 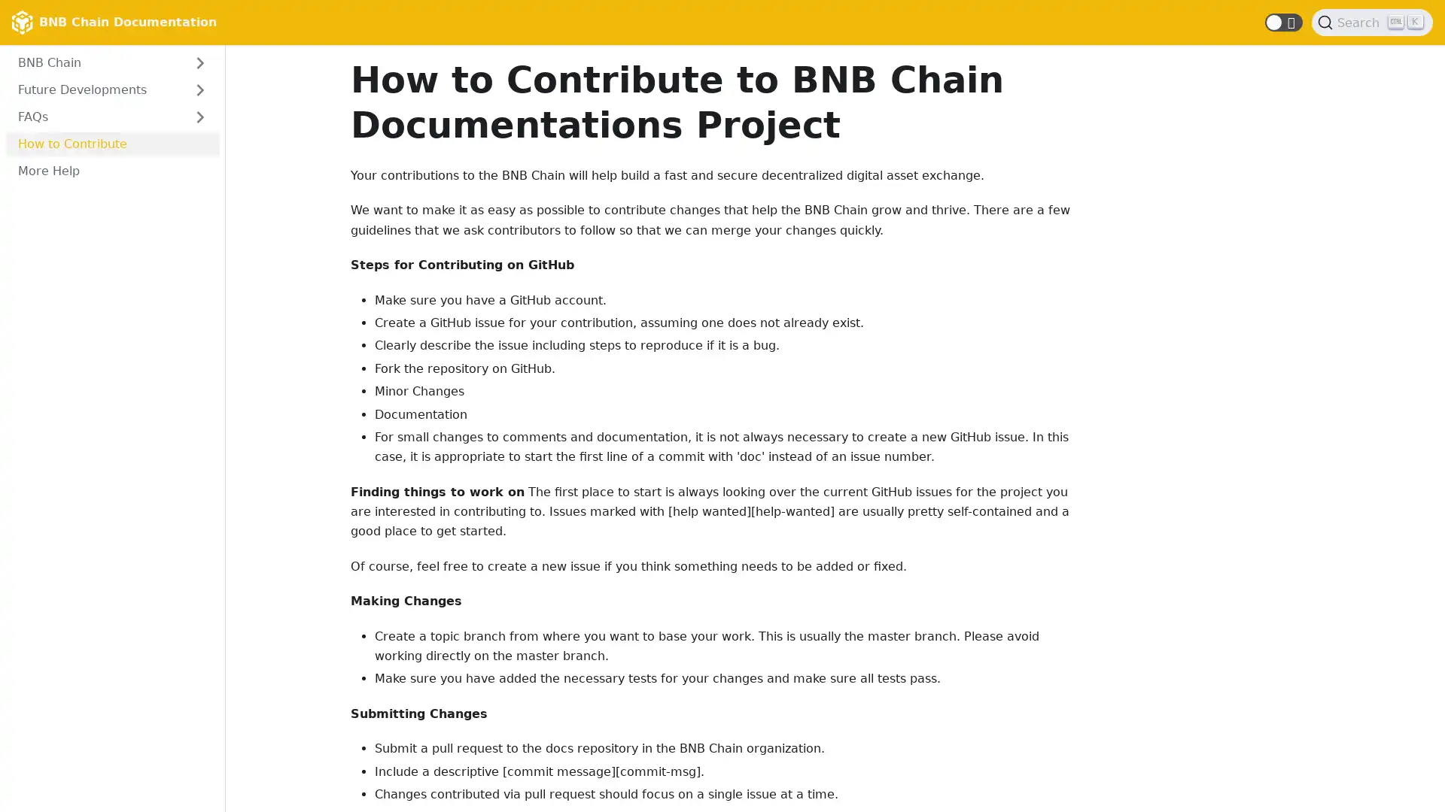 I want to click on Search, so click(x=1372, y=23).